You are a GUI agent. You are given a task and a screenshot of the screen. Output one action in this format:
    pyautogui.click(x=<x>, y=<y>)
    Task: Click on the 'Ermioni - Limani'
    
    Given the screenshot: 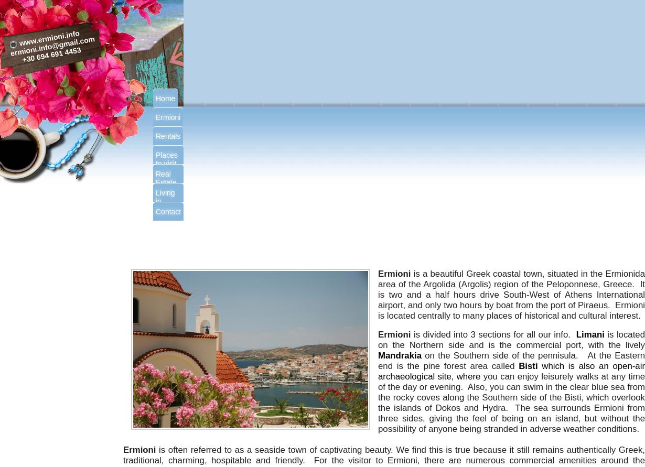 What is the action you would take?
    pyautogui.click(x=383, y=240)
    